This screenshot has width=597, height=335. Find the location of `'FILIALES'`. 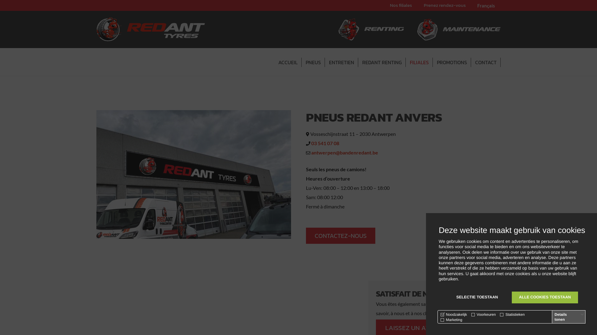

'FILIALES' is located at coordinates (419, 62).